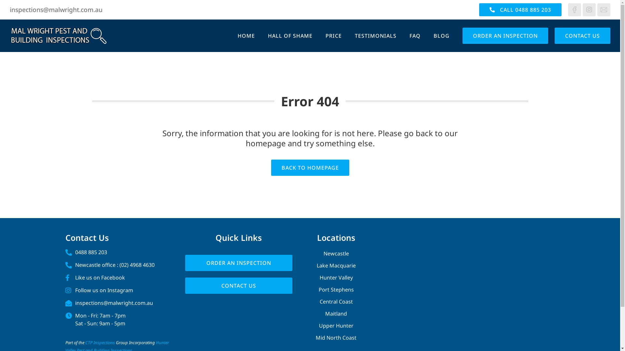 This screenshot has width=625, height=351. Describe the element at coordinates (336, 337) in the screenshot. I see `'Mid North Coast'` at that location.